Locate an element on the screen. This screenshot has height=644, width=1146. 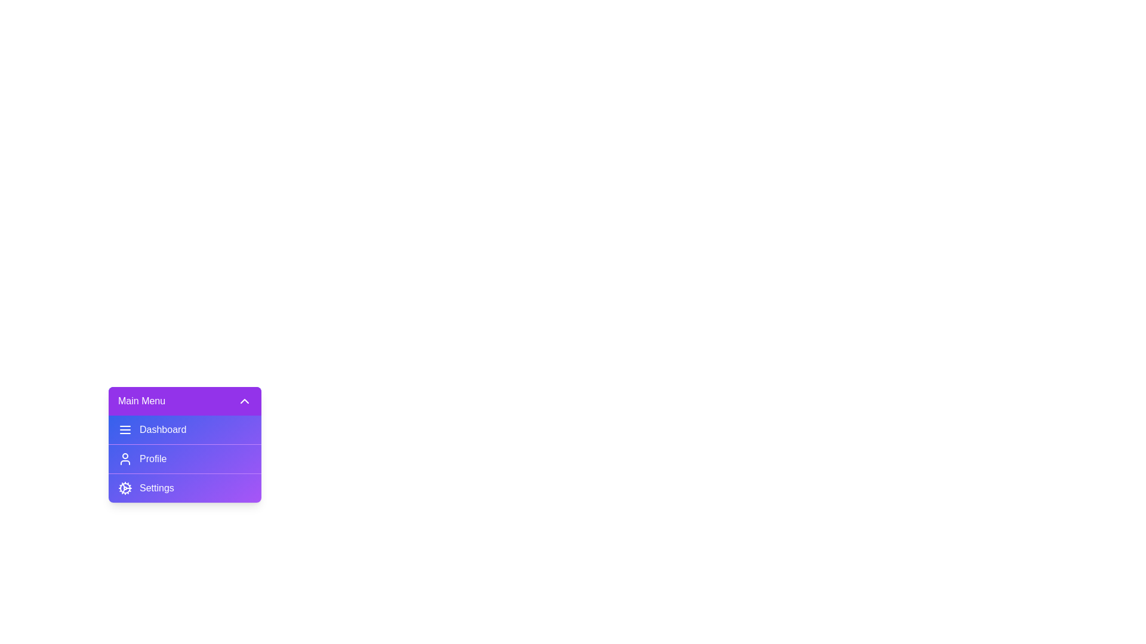
the 'Dashboard' menu icon located at the leftmost side of the 'Dashboard' menu row in the 'Main Menu' dropdown is located at coordinates (125, 430).